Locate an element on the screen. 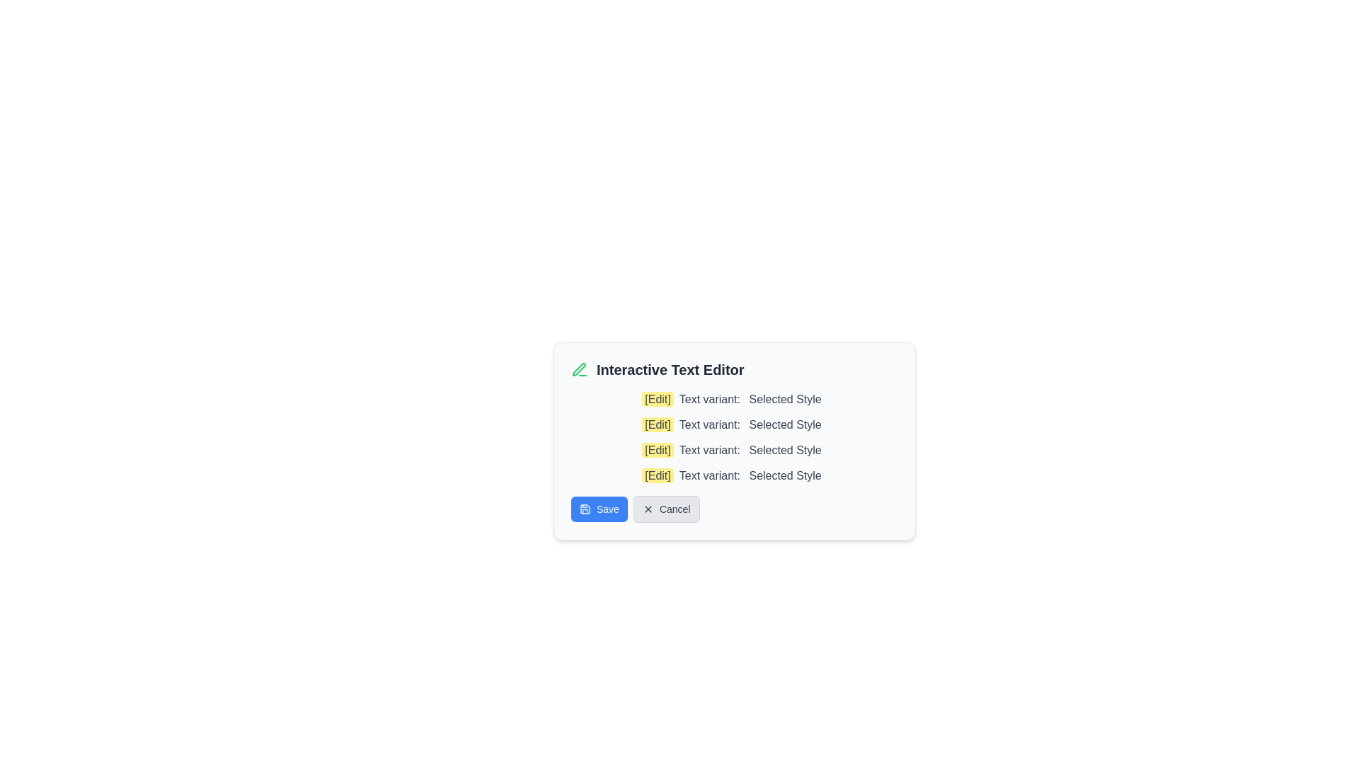 Image resolution: width=1359 pixels, height=764 pixels. the '[Edit]' button with a yellow background and rounded corners is located at coordinates (657, 475).